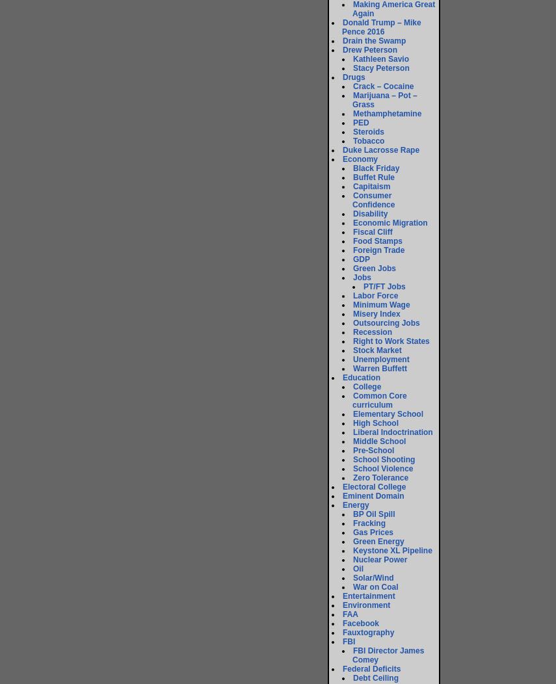 Image resolution: width=556 pixels, height=684 pixels. I want to click on 'Solar/Wind', so click(372, 578).